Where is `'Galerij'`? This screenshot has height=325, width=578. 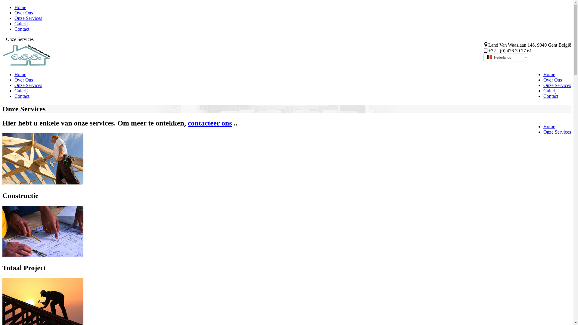 'Galerij' is located at coordinates (21, 23).